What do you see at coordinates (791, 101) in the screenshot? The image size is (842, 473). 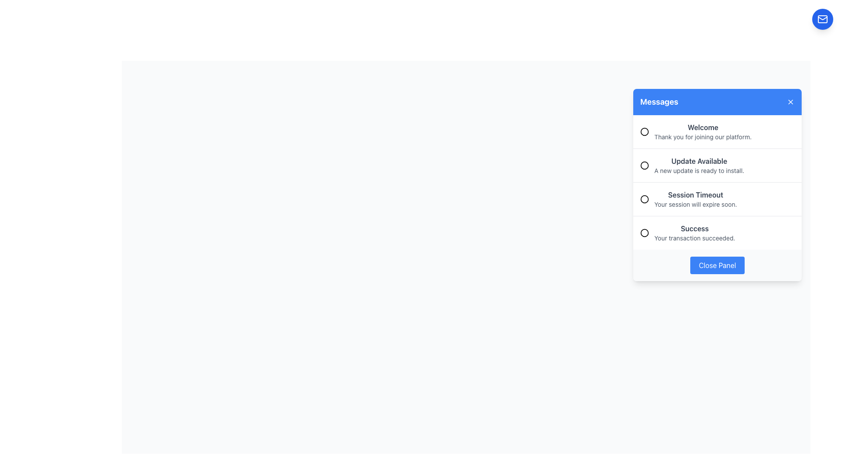 I see `the close button, represented by an 'X' icon, located at the top-right corner of the 'Messages' header` at bounding box center [791, 101].